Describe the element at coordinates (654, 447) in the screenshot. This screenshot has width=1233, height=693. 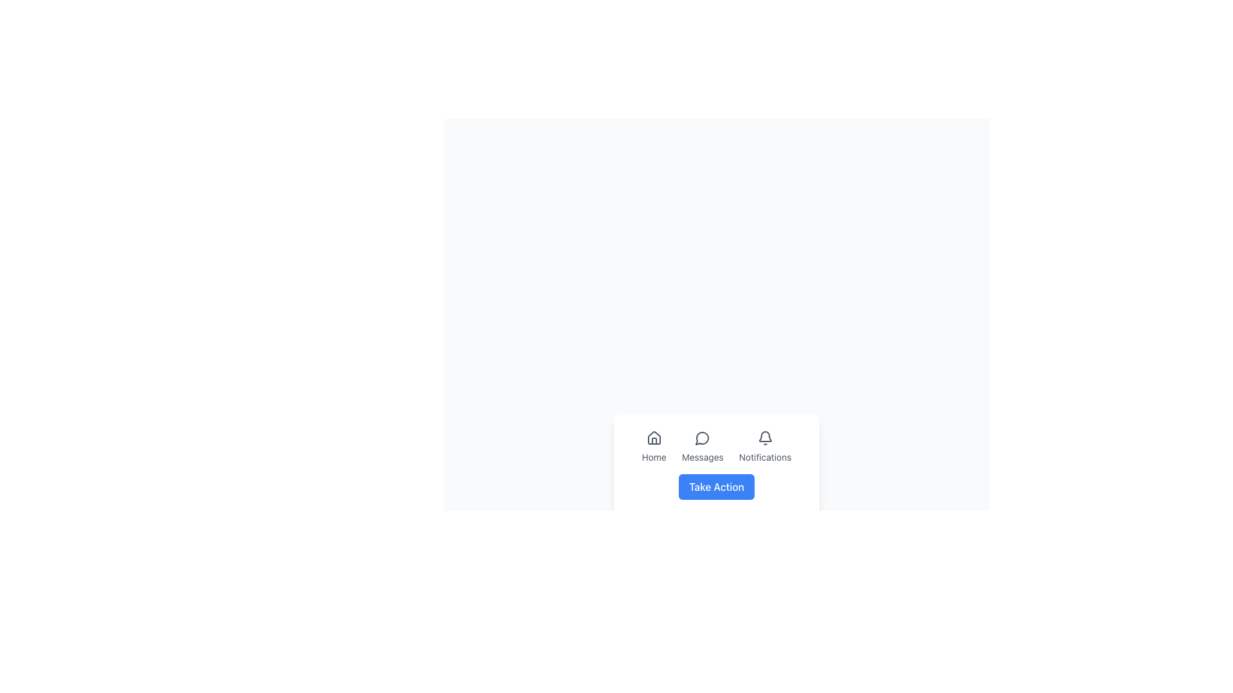
I see `the Navigation Button located in the lower central area of the view` at that location.